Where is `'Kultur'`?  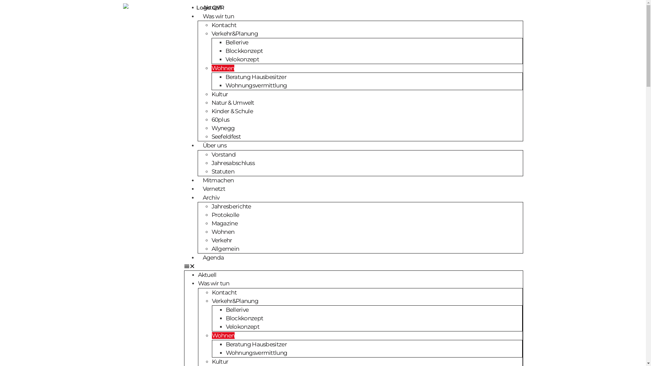
'Kultur' is located at coordinates (220, 94).